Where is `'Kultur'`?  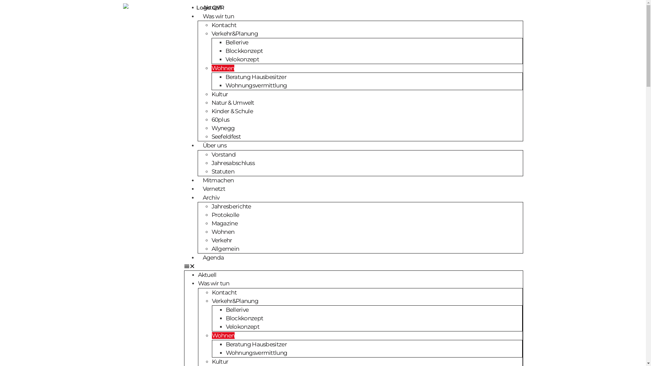
'Kultur' is located at coordinates (220, 94).